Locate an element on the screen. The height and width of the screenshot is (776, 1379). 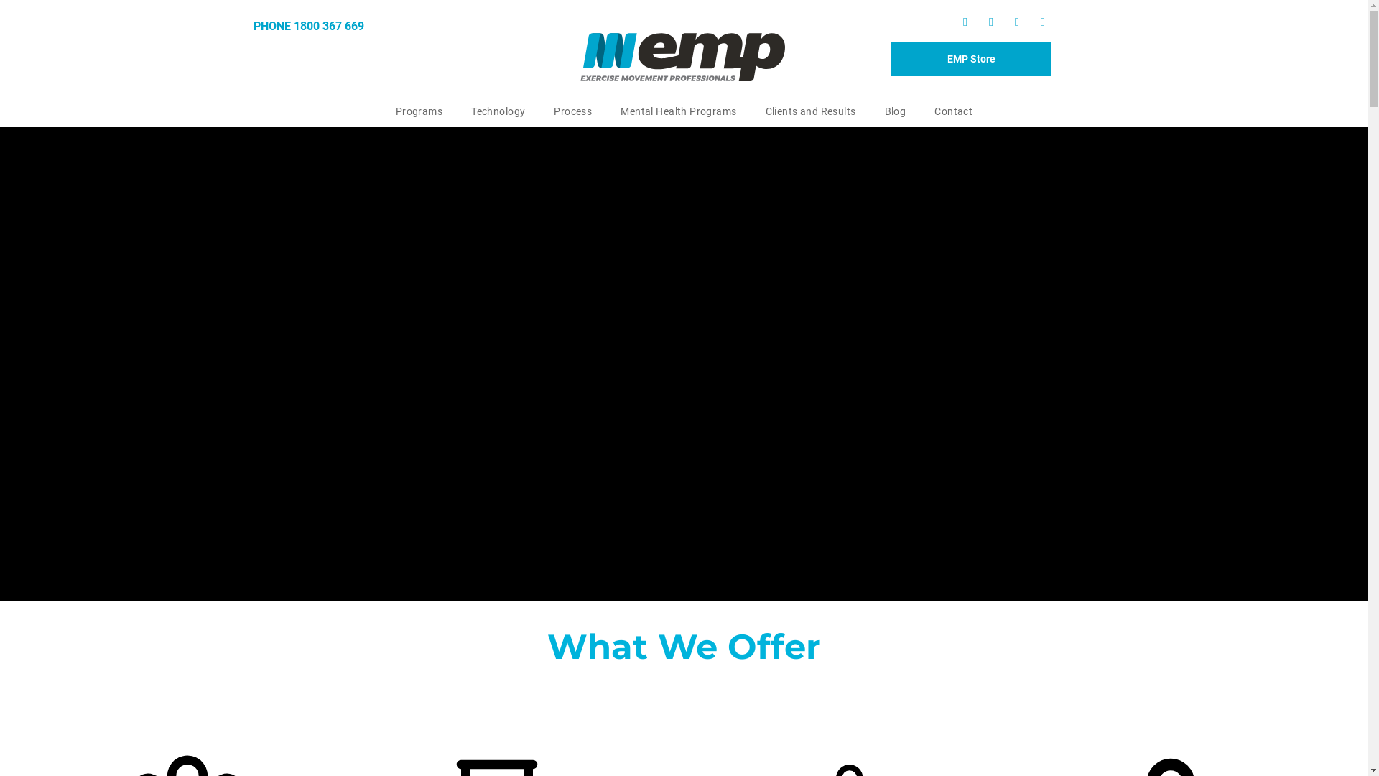
'Programs' is located at coordinates (418, 111).